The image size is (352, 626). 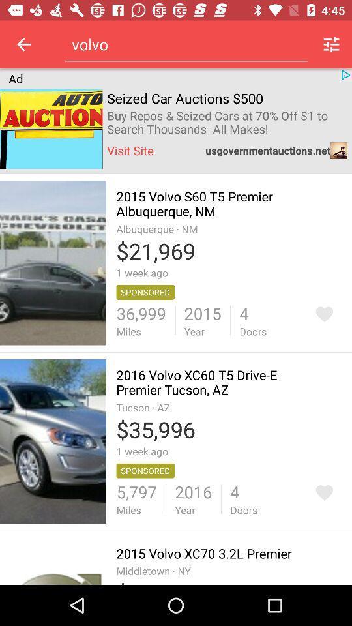 I want to click on item next to volvo, so click(x=331, y=44).